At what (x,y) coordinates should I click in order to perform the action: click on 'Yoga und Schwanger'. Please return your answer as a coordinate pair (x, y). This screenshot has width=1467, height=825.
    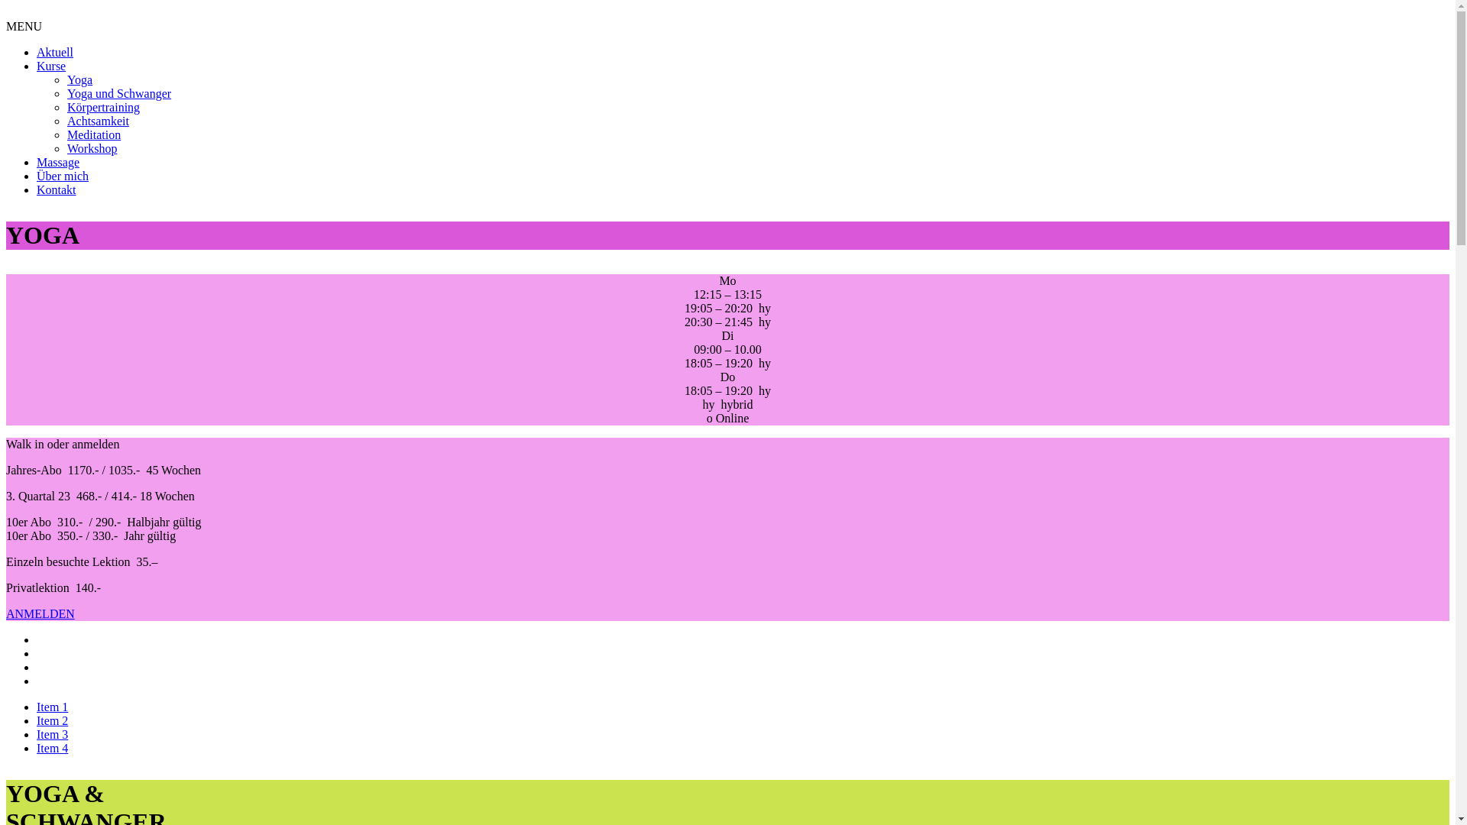
    Looking at the image, I should click on (118, 93).